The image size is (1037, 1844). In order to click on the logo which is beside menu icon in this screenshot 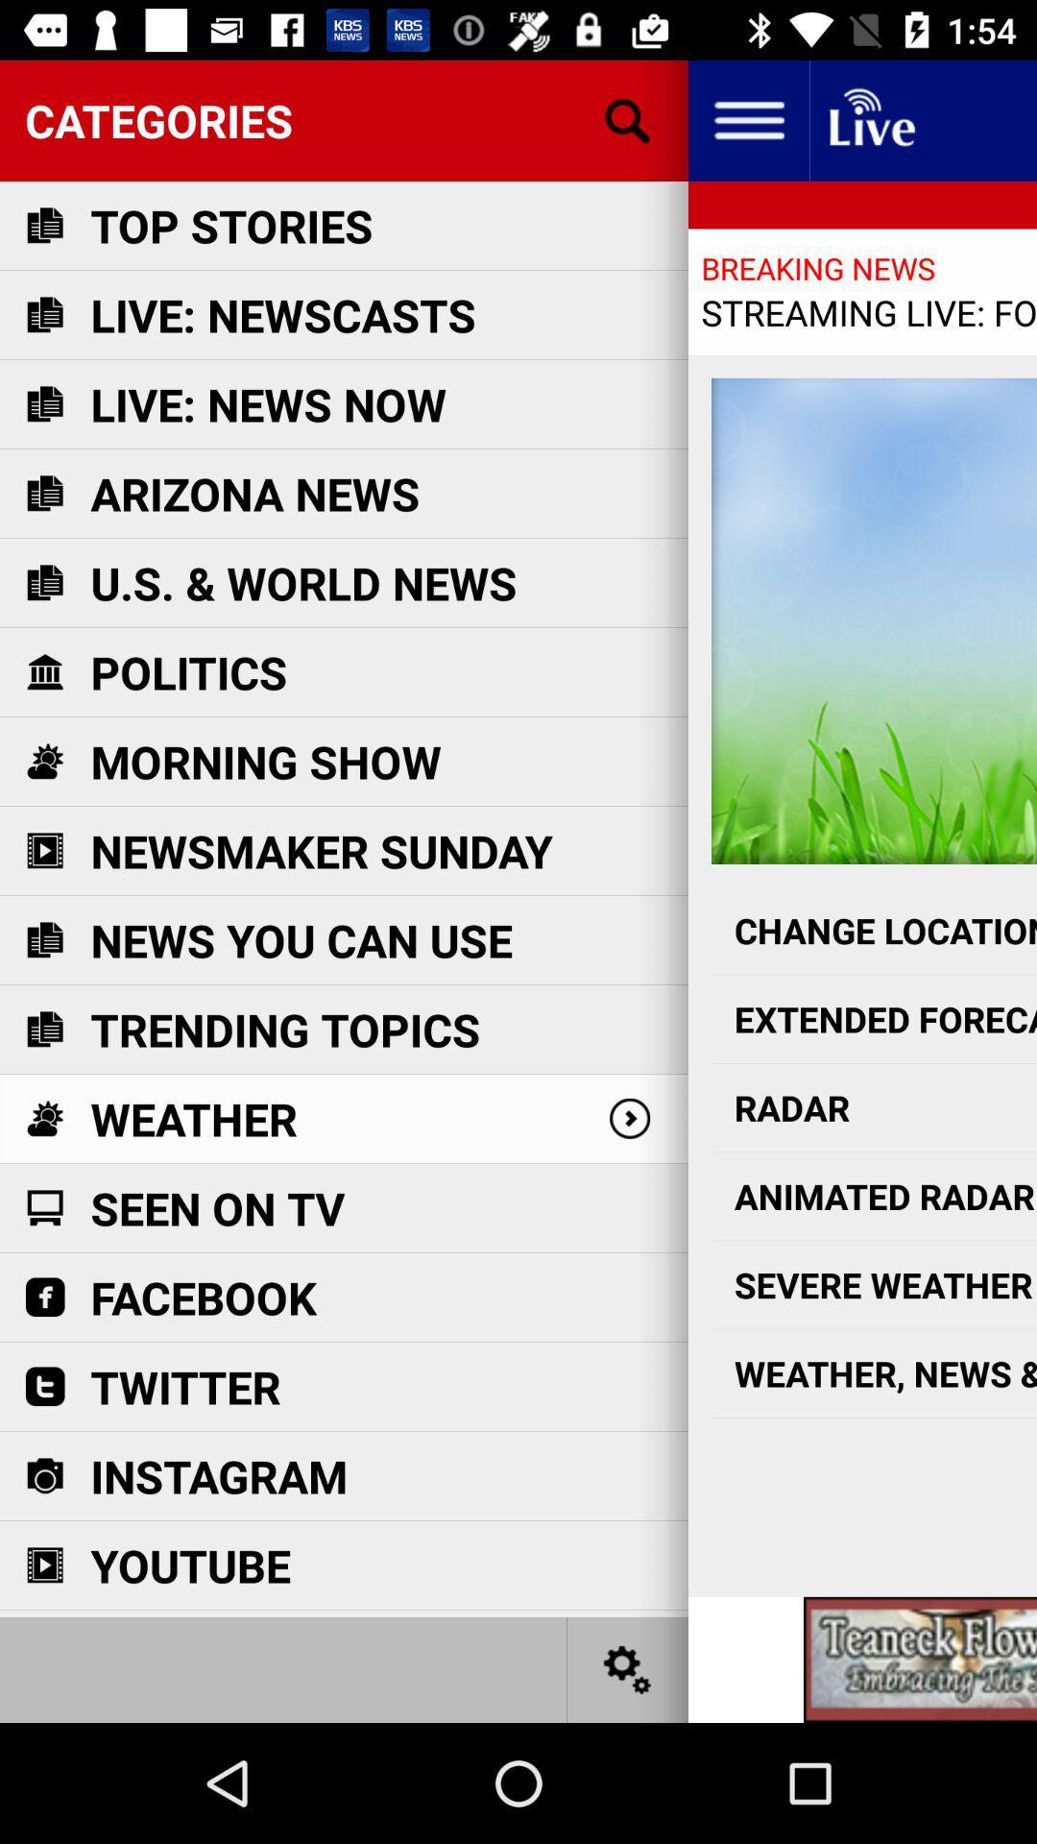, I will do `click(870, 119)`.